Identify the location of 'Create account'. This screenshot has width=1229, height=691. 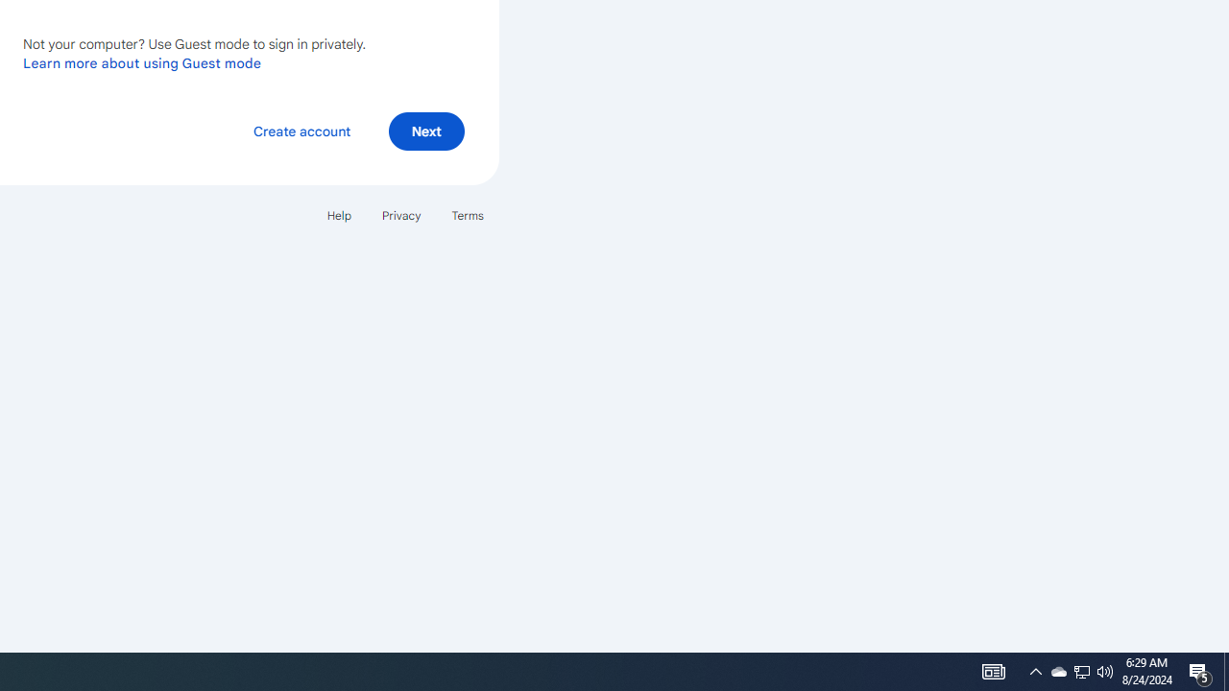
(301, 130).